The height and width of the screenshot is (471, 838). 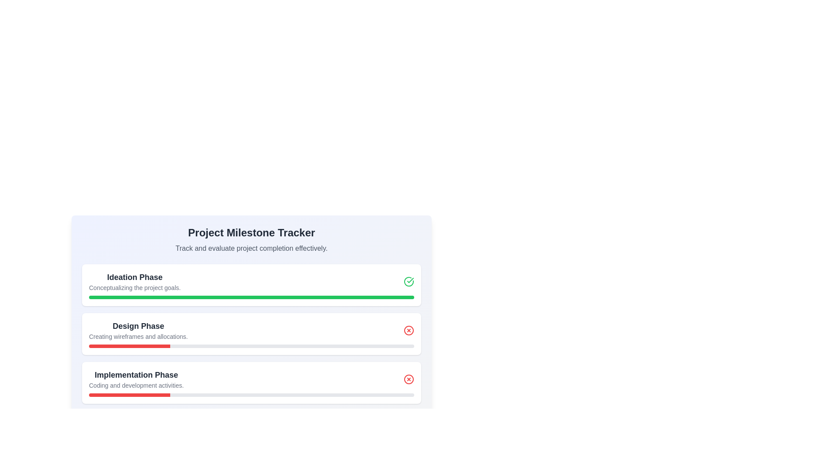 What do you see at coordinates (251, 395) in the screenshot?
I see `the bottom-most progress bar, which has a gray background and a partially filled red bar, located under the 'Implementation Phase' text` at bounding box center [251, 395].